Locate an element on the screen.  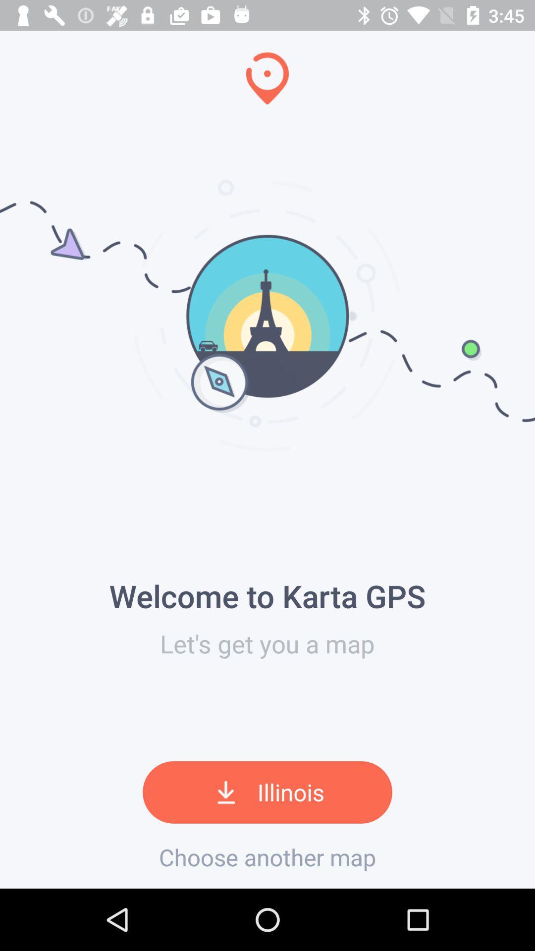
the item to the left of the let s get icon is located at coordinates (3, 444).